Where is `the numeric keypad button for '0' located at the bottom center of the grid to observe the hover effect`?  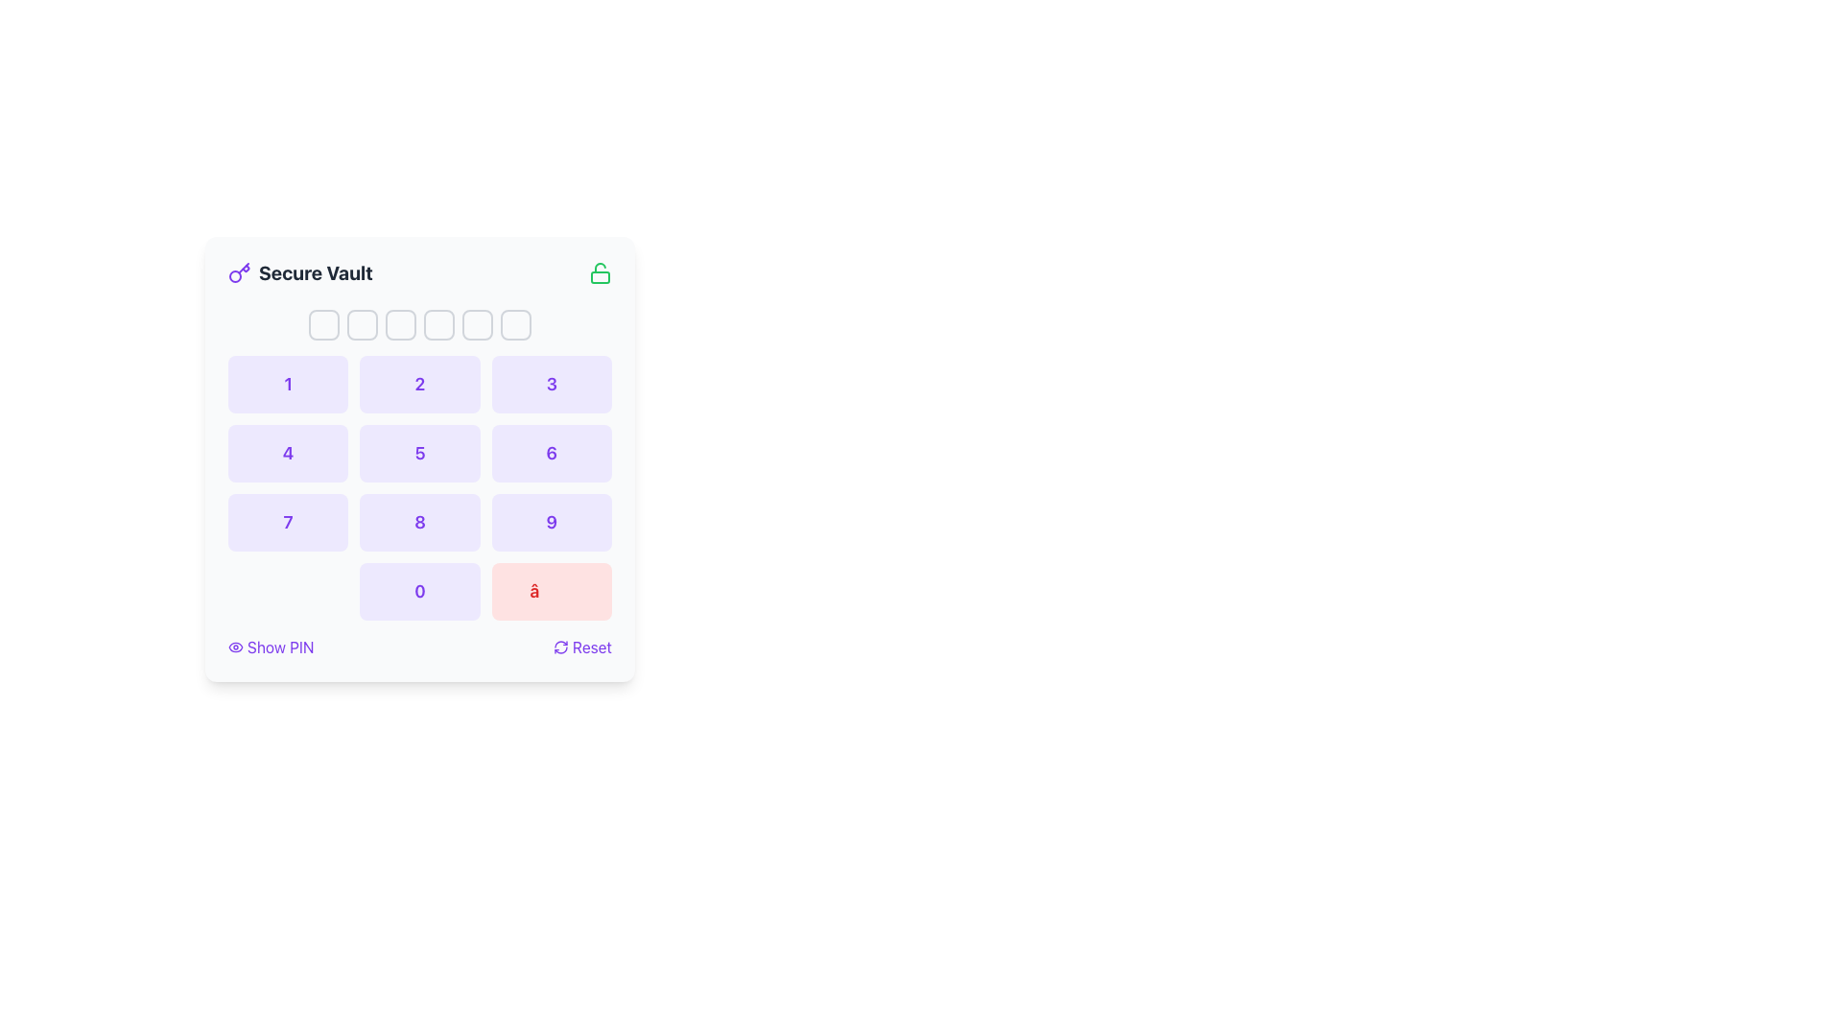
the numeric keypad button for '0' located at the bottom center of the grid to observe the hover effect is located at coordinates (418, 591).